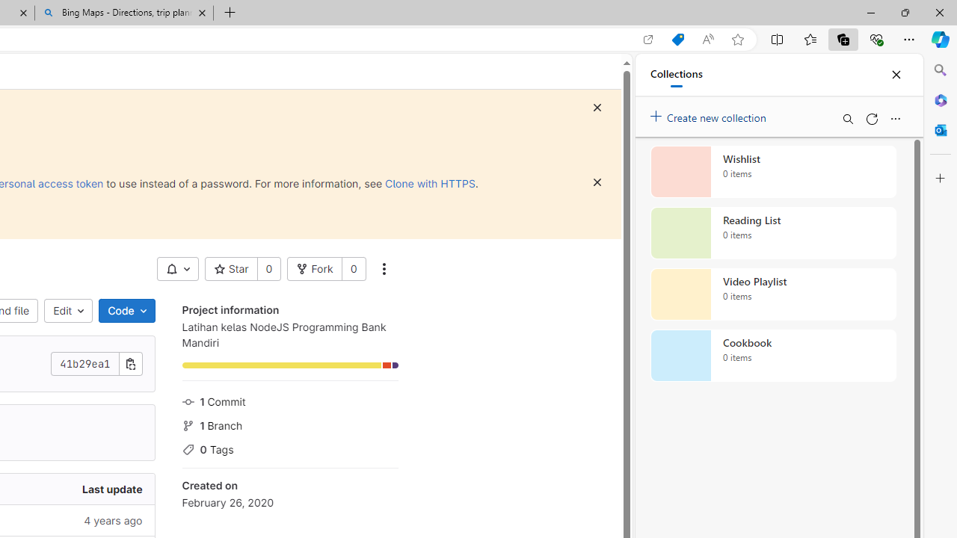  I want to click on 'Fork', so click(314, 269).